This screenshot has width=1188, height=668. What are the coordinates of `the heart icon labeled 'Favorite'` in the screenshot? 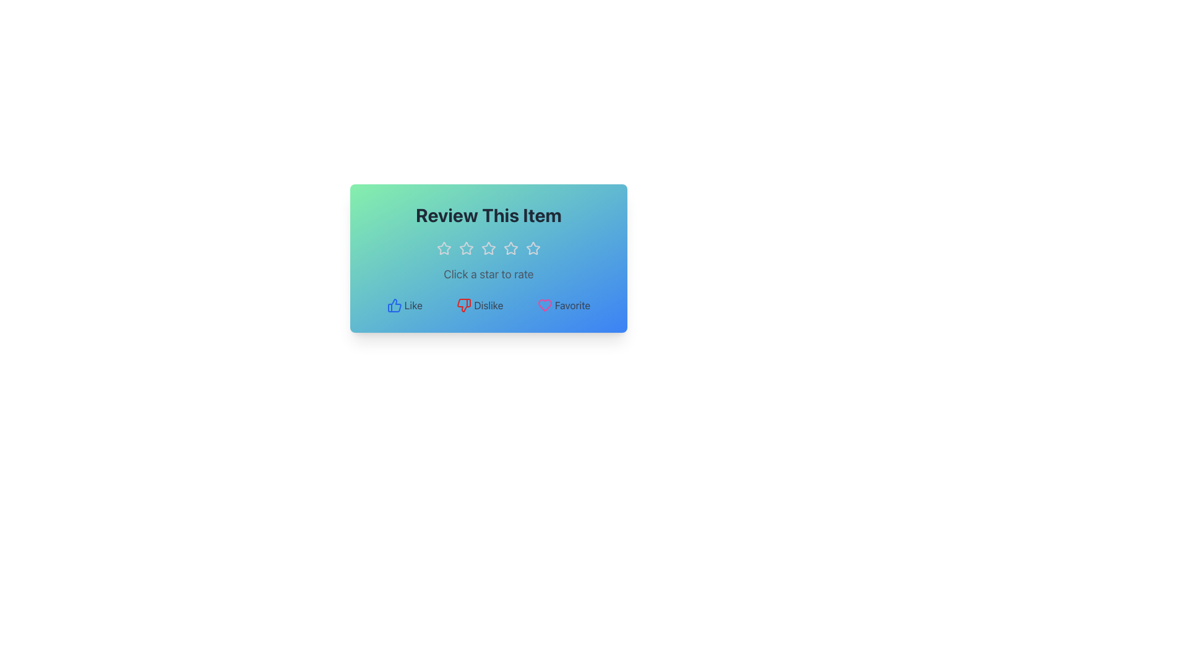 It's located at (544, 305).